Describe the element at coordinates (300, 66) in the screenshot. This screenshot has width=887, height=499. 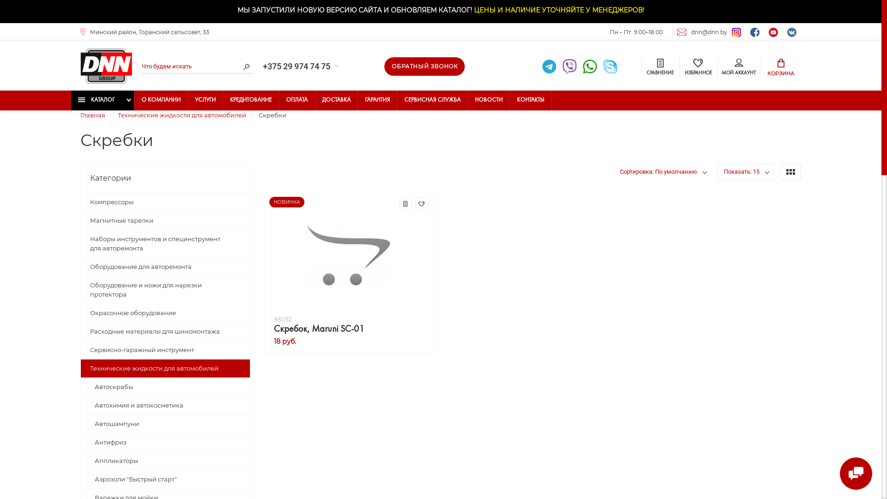
I see `'+375 29 974 74 75'` at that location.